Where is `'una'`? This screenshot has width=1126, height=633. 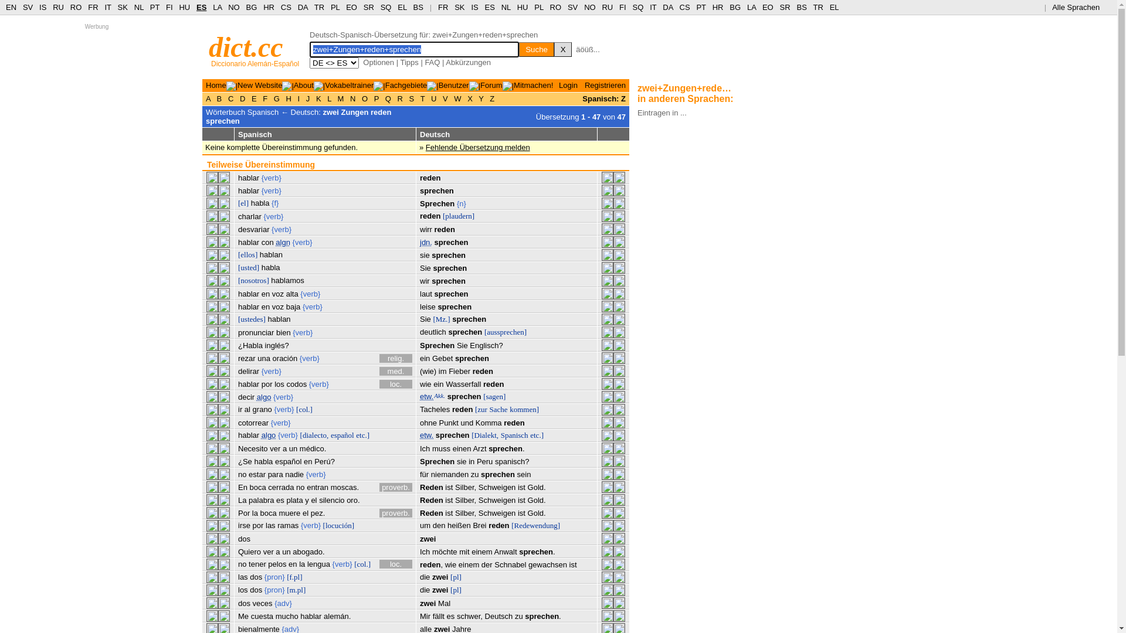 'una' is located at coordinates (263, 358).